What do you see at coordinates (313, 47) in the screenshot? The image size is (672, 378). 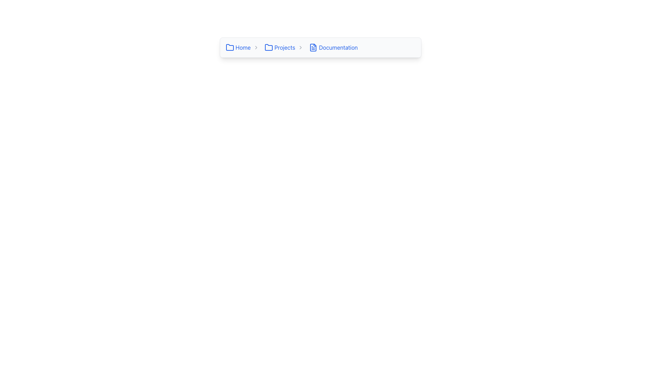 I see `the document icon in the breadcrumb navigation, which is located to the right of the folder icons for 'Home' and 'Projects', and directly left of the text 'Documentation'` at bounding box center [313, 47].